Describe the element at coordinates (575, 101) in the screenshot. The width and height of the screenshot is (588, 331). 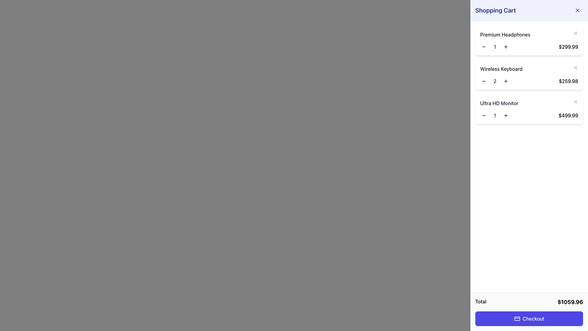
I see `the close button for the 'Ultra HD Monitor' item in the shopping cart` at that location.